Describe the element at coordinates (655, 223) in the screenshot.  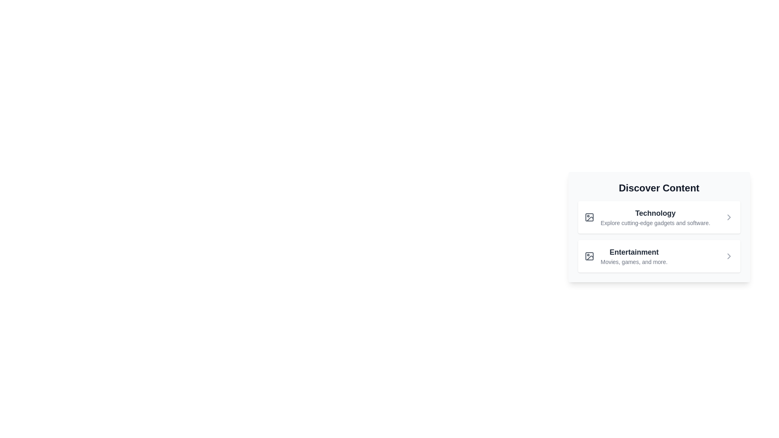
I see `the text label containing the phrase 'Explore cutting-edge gadgets and software.' which is located below the 'Technology' header within a white card` at that location.